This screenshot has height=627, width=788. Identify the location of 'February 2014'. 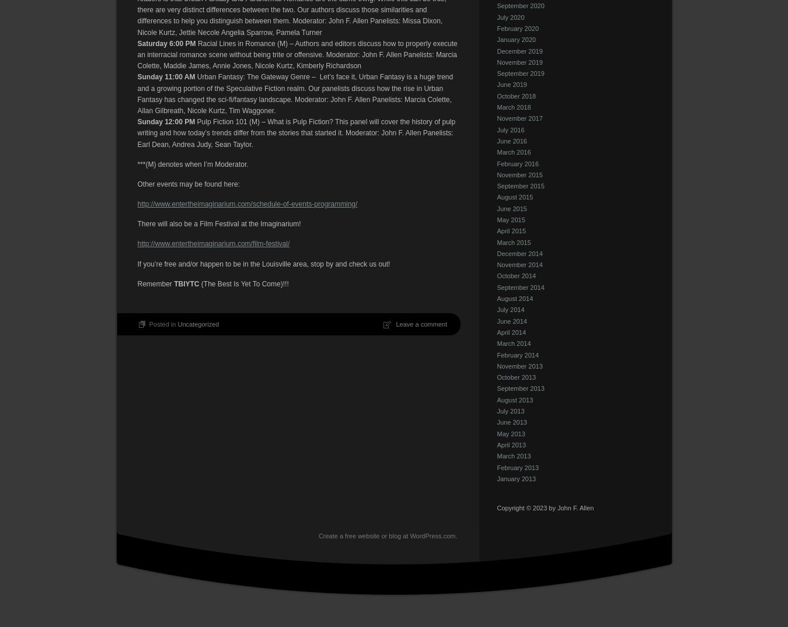
(497, 354).